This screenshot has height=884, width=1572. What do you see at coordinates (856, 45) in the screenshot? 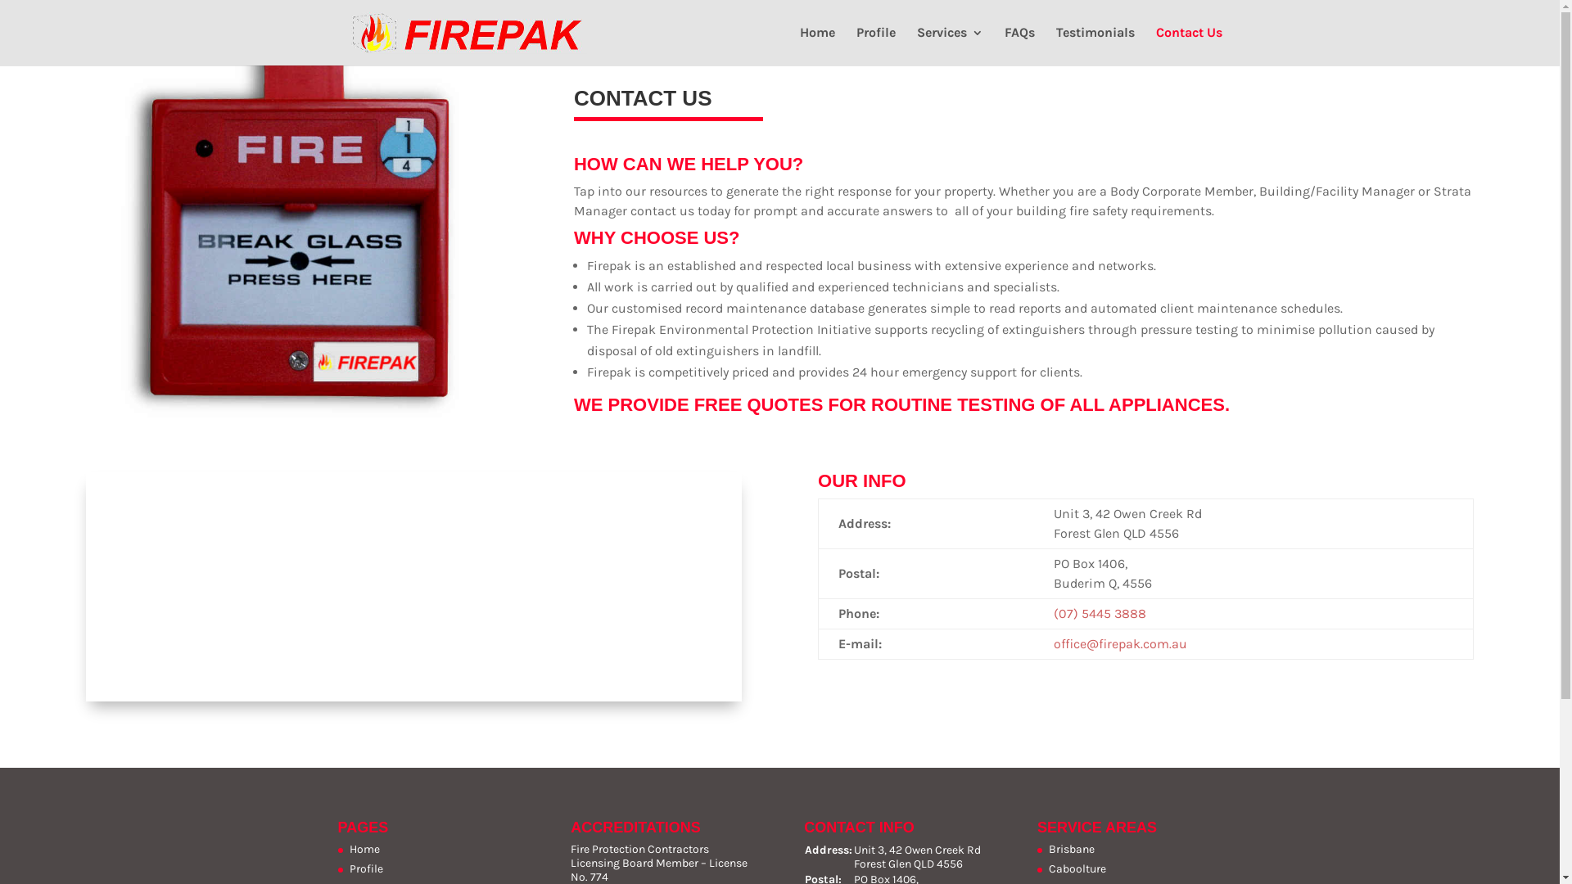
I see `'Profile'` at bounding box center [856, 45].